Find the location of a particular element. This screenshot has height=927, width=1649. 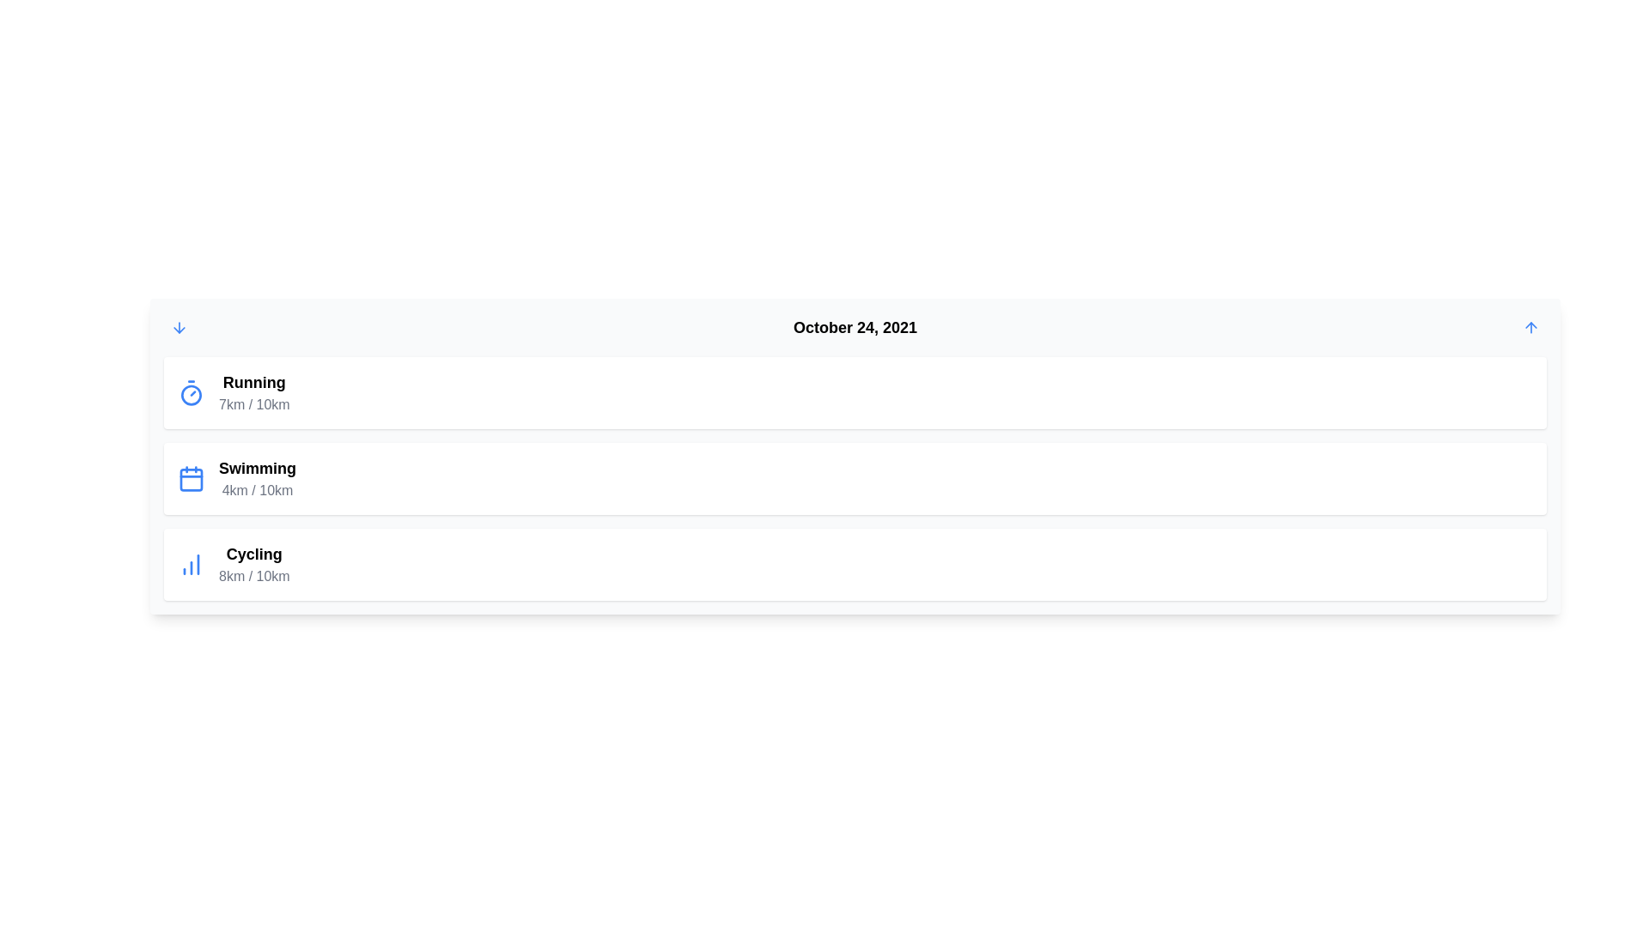

the label displaying 'Cycling' and '8km / 10km' located at the bottom section of the interface is located at coordinates (253, 565).